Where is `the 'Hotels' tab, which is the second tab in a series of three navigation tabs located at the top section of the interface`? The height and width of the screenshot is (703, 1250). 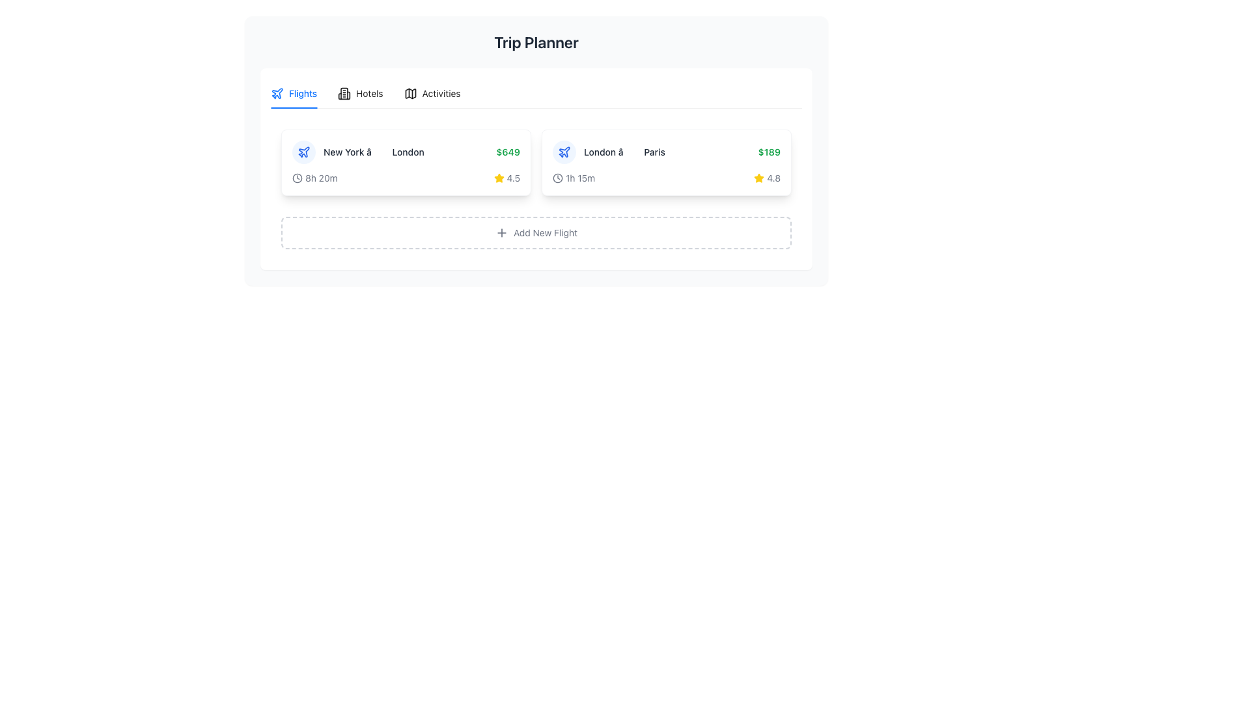
the 'Hotels' tab, which is the second tab in a series of three navigation tabs located at the top section of the interface is located at coordinates (360, 92).